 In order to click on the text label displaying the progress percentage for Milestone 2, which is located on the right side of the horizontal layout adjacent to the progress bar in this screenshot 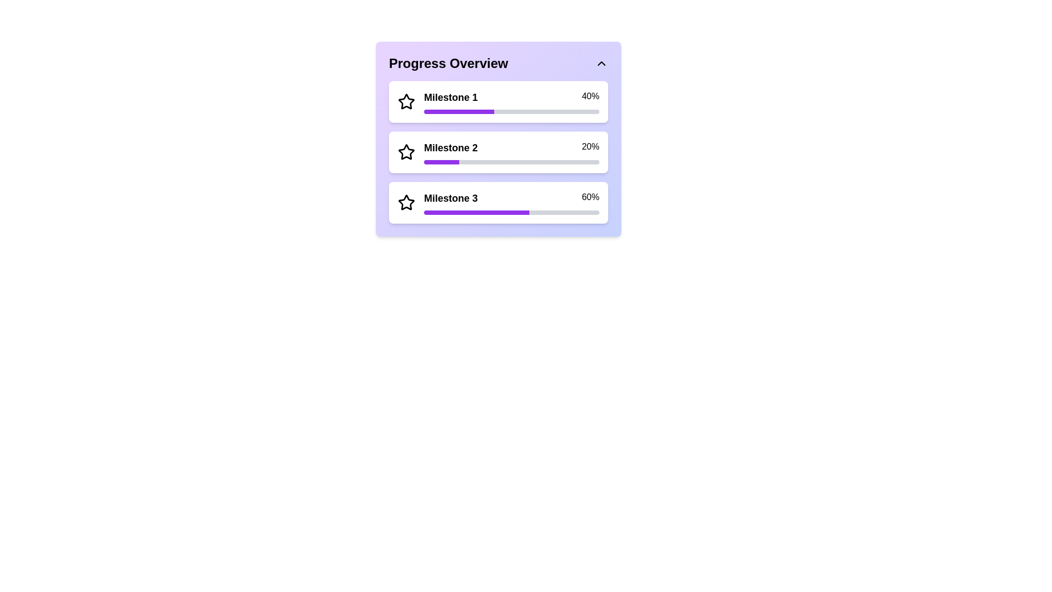, I will do `click(590, 148)`.